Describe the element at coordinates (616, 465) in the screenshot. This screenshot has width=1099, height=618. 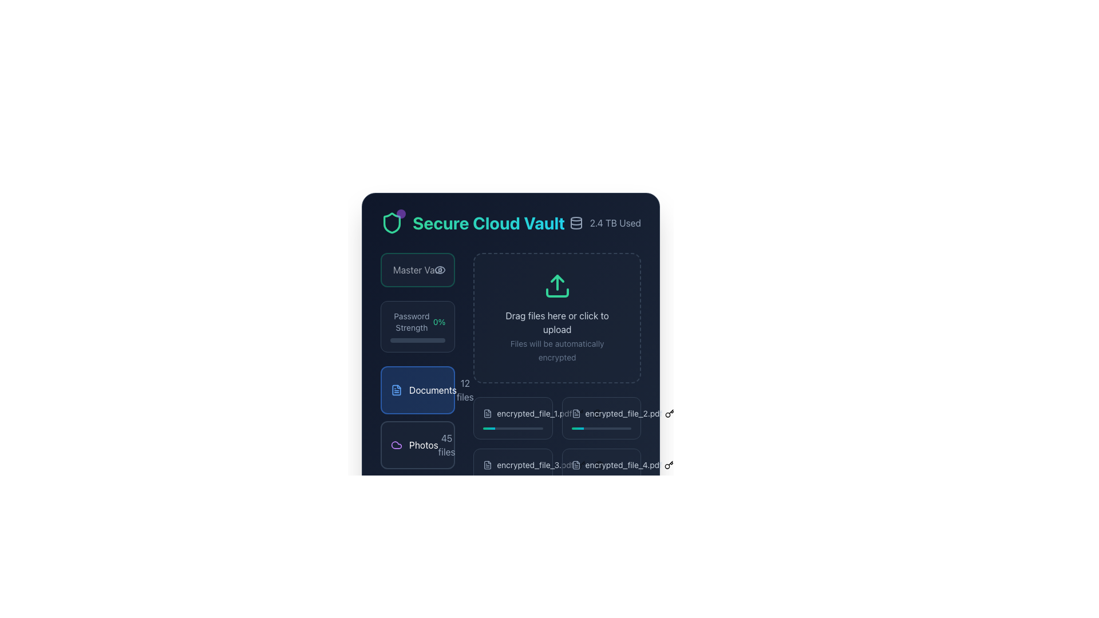
I see `to select or interact with the text label displaying 'encrypted_file_4.pdf', which is the fourth item in the 'Documents' section, located towards the bottom right and aligned horizontally with other file entries` at that location.